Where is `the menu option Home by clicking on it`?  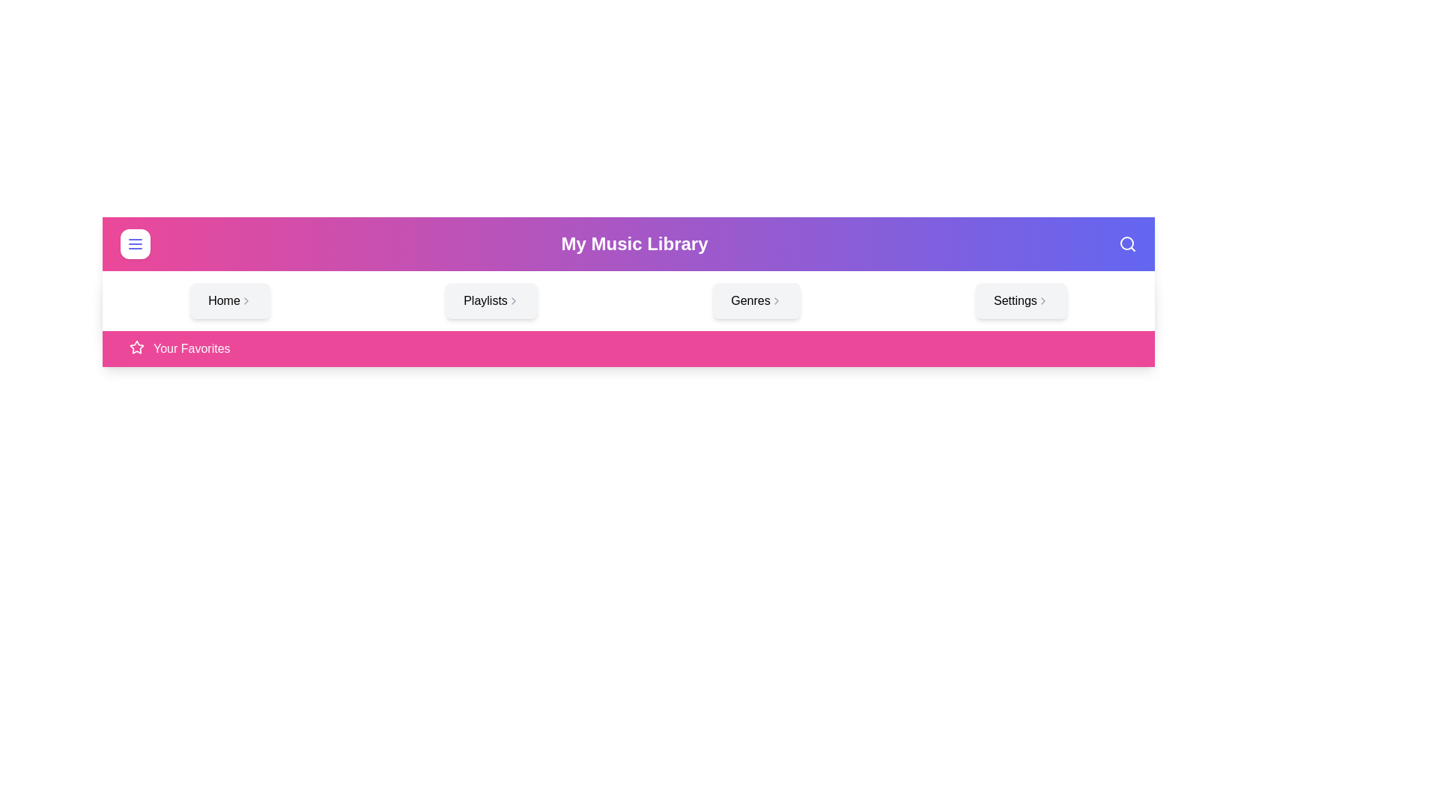
the menu option Home by clicking on it is located at coordinates (229, 300).